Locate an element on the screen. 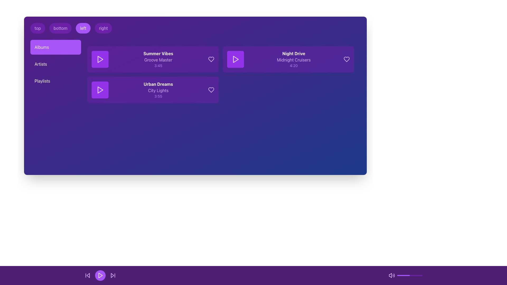 Image resolution: width=507 pixels, height=285 pixels. text label displaying '4:20', which is styled in a small font size with a light purple color and positioned underneath 'Midnight Cruisers' in a section with a purple background is located at coordinates (293, 65).